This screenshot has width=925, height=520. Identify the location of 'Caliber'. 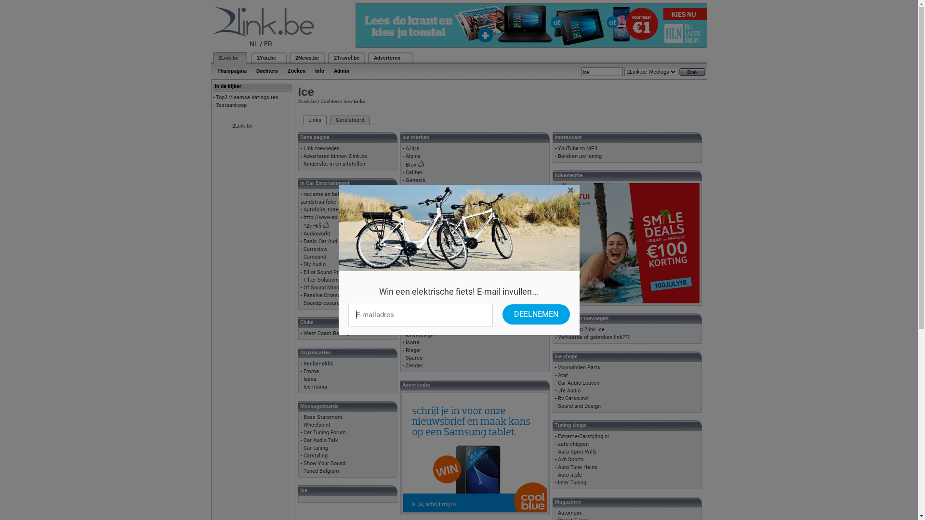
(414, 172).